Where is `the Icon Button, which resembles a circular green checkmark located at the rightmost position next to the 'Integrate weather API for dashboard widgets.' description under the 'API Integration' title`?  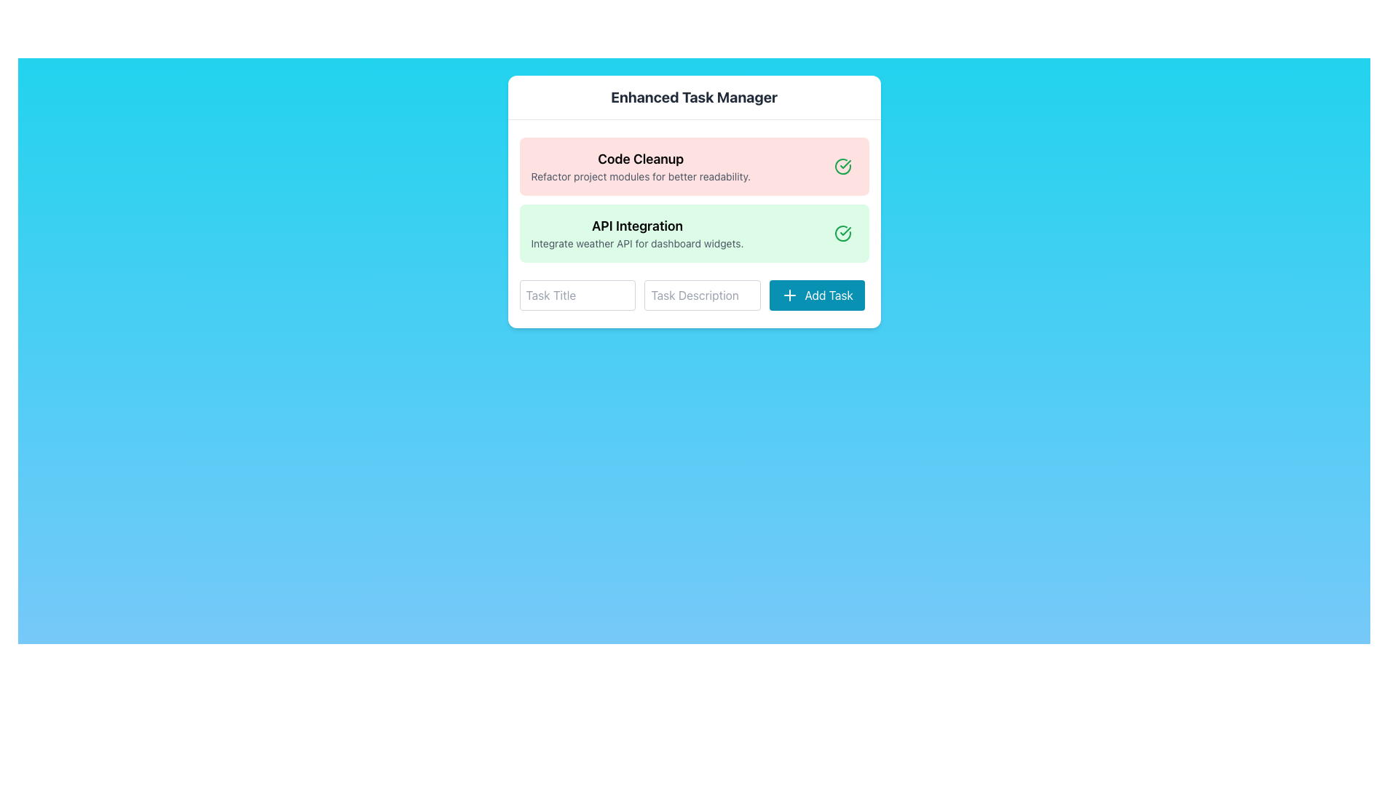
the Icon Button, which resembles a circular green checkmark located at the rightmost position next to the 'Integrate weather API for dashboard widgets.' description under the 'API Integration' title is located at coordinates (842, 232).